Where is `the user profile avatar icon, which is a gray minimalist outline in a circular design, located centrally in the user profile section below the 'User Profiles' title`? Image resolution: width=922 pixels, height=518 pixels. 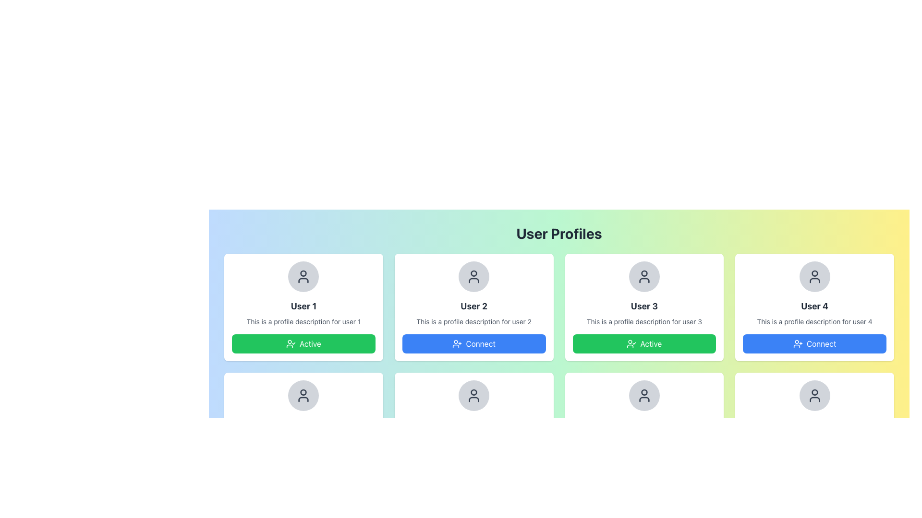
the user profile avatar icon, which is a gray minimalist outline in a circular design, located centrally in the user profile section below the 'User Profiles' title is located at coordinates (303, 396).